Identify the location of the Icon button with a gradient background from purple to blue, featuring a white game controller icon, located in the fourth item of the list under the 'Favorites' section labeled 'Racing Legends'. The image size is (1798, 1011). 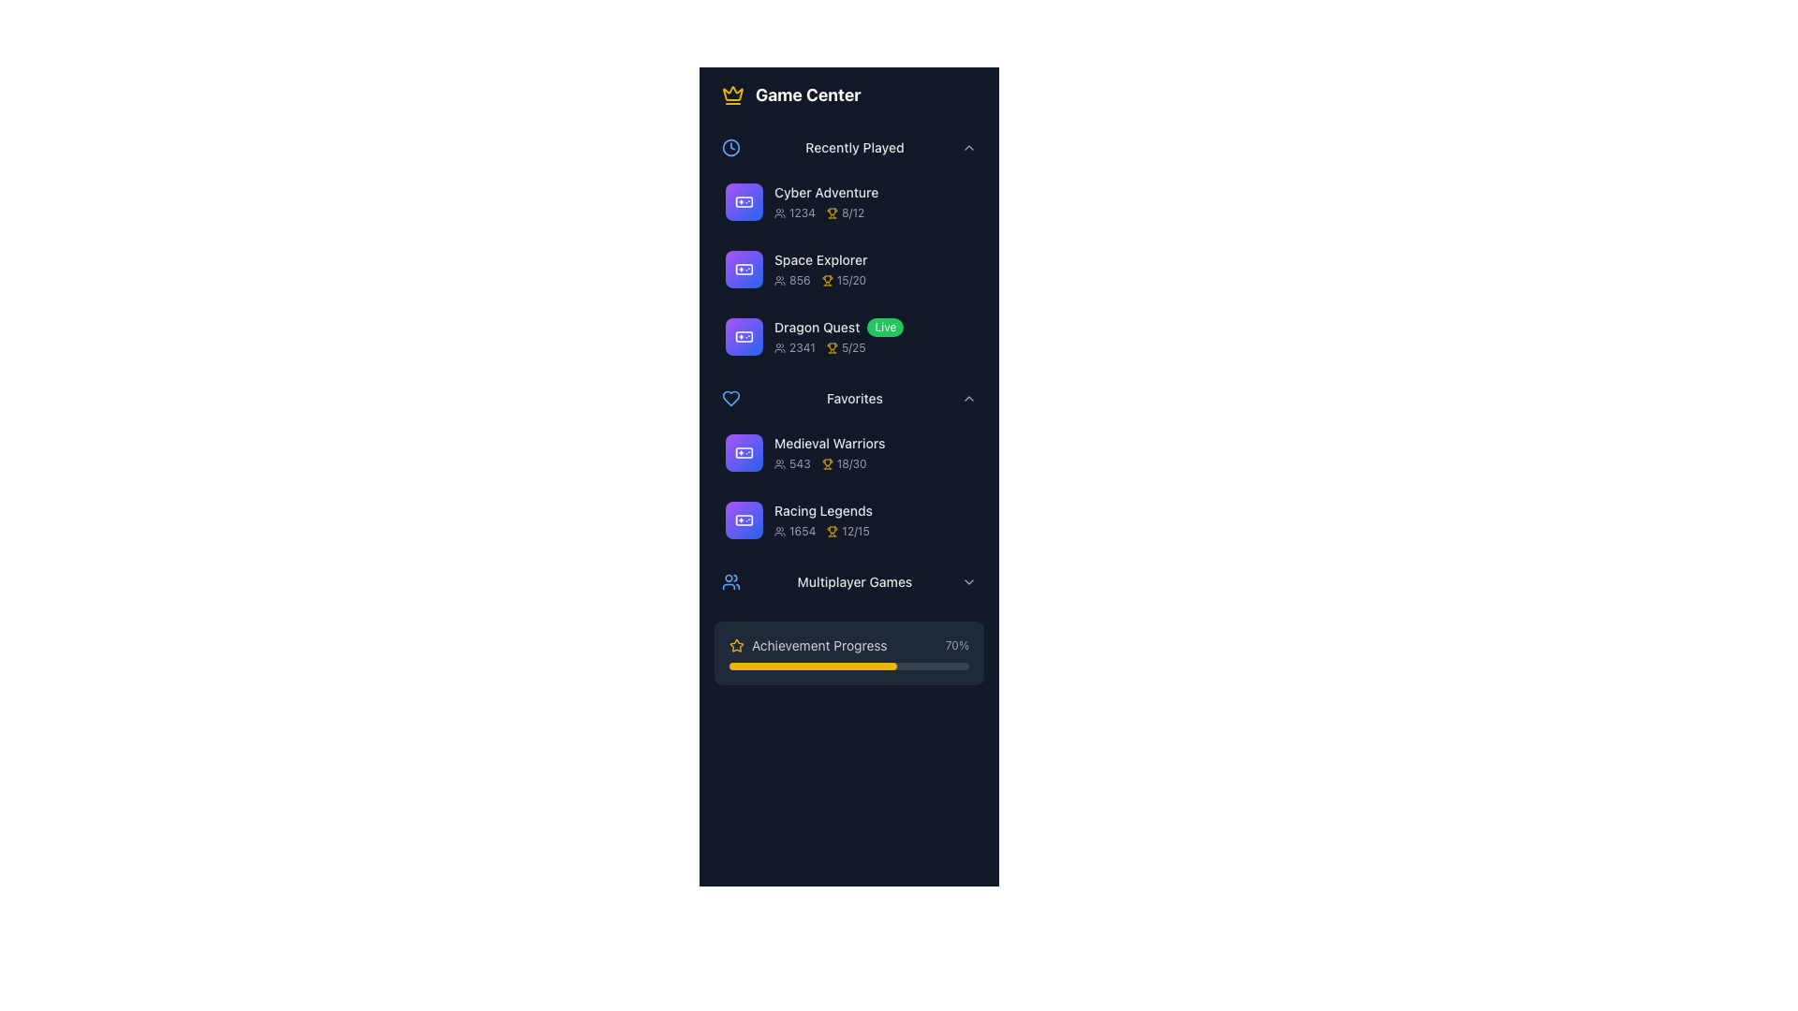
(744, 520).